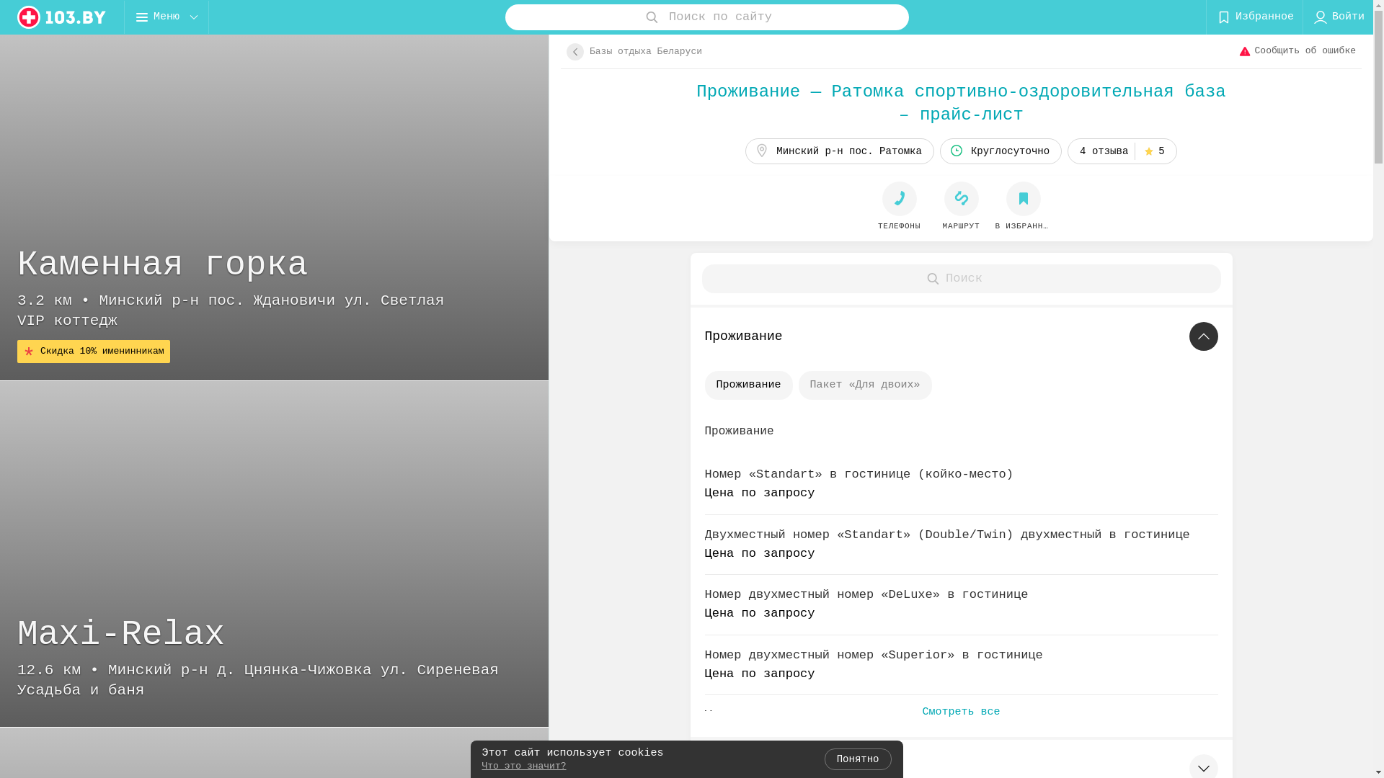 The width and height of the screenshot is (1384, 778). What do you see at coordinates (17, 17) in the screenshot?
I see `'logo'` at bounding box center [17, 17].